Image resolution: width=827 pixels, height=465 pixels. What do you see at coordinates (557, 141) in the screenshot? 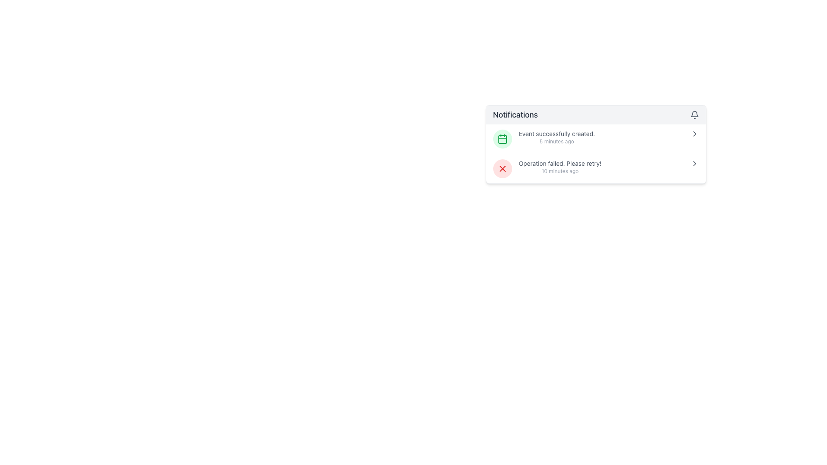
I see `text label displaying '5 minutes ago', which is located below the 'Event successfully created.' message in the notifications panel` at bounding box center [557, 141].